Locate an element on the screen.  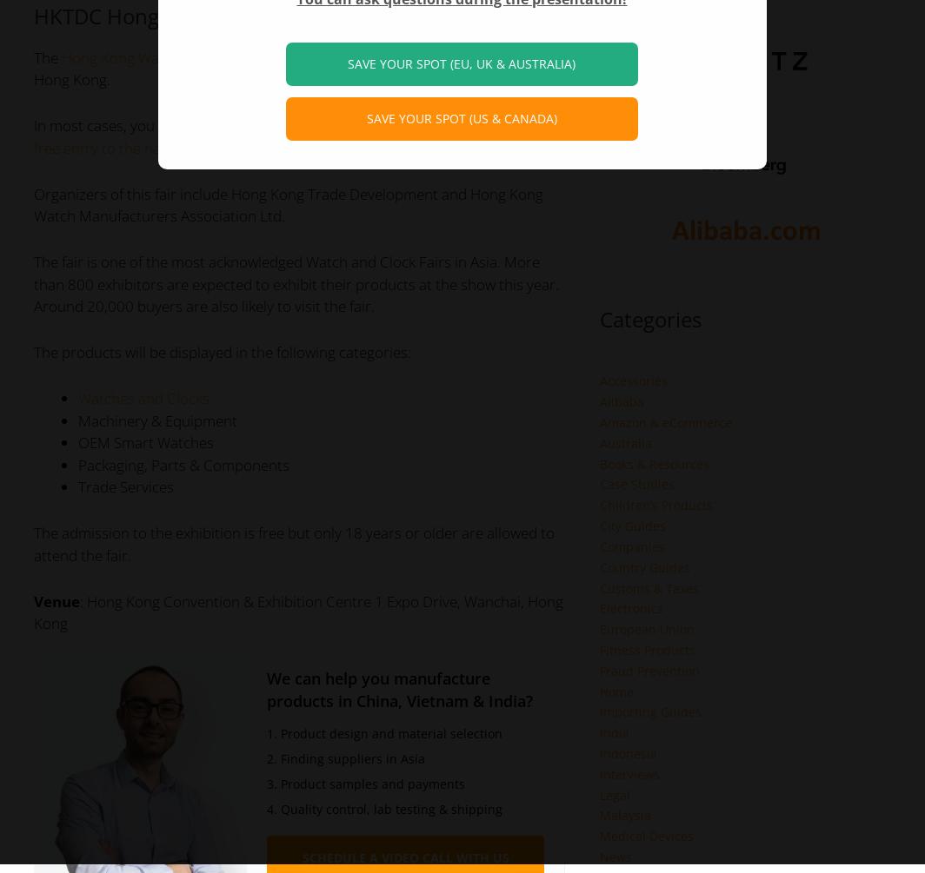
'European Union' is located at coordinates (646, 629).